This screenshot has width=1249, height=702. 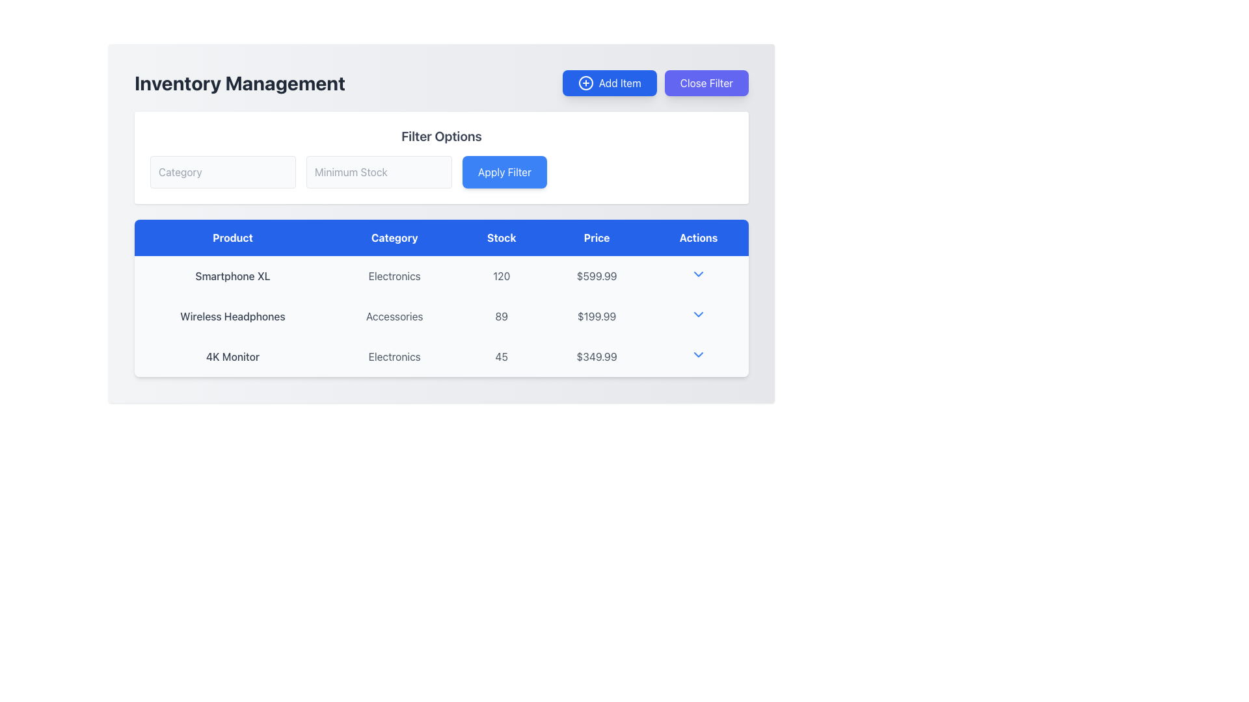 I want to click on the Icon button in the 'Actions' column of the first row for 'Smartphone XL', so click(x=698, y=275).